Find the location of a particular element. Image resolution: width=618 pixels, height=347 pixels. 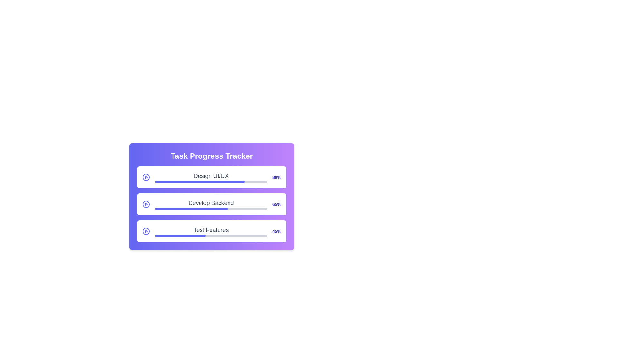

the circular play button icon located at the left side of the 'Develop Backend' task bar is located at coordinates (146, 204).